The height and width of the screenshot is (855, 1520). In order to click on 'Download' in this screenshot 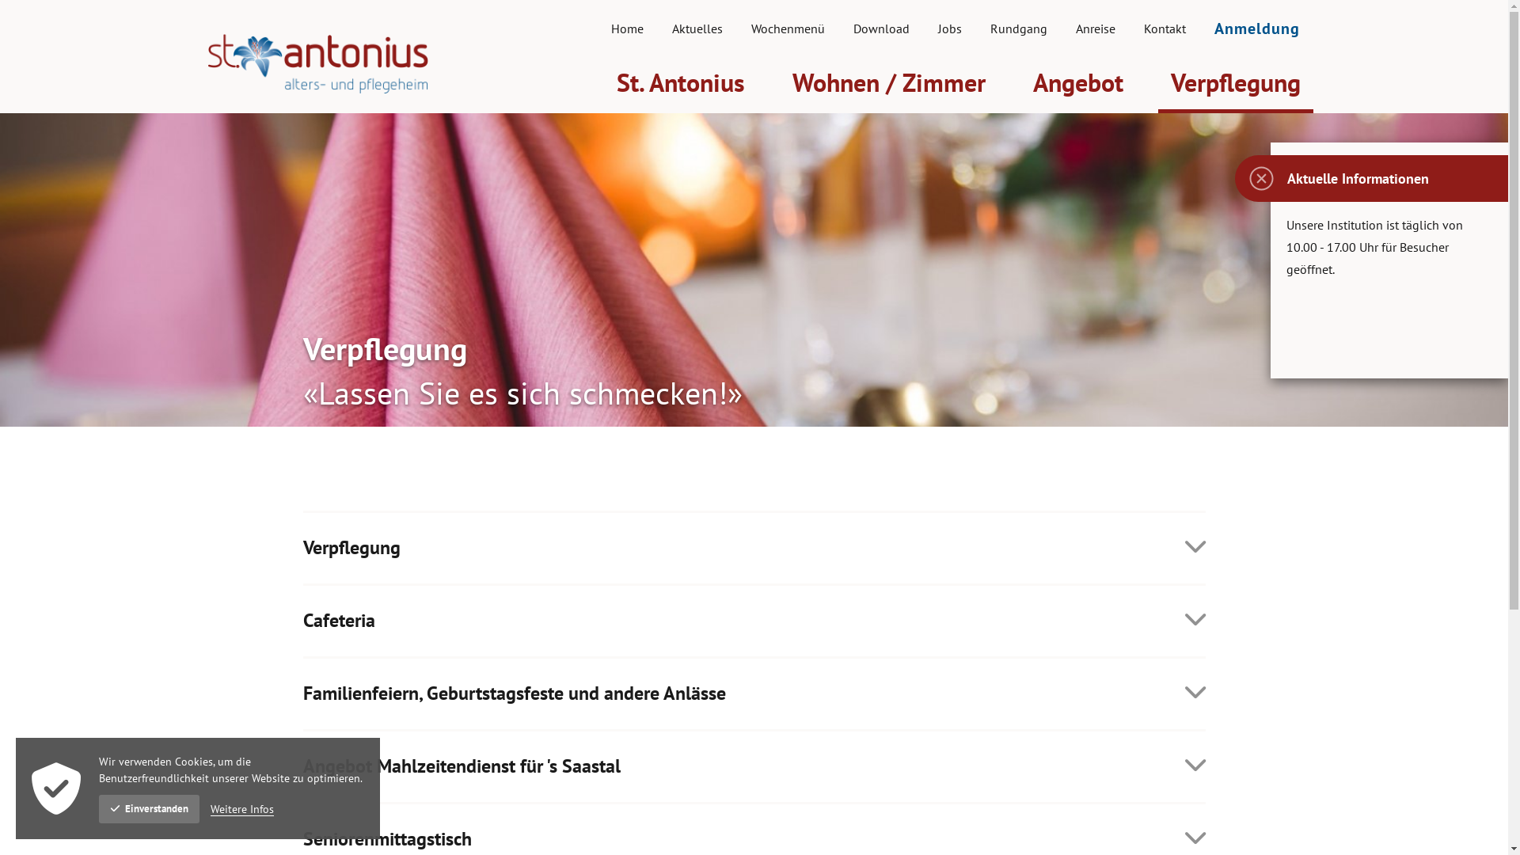, I will do `click(880, 28)`.